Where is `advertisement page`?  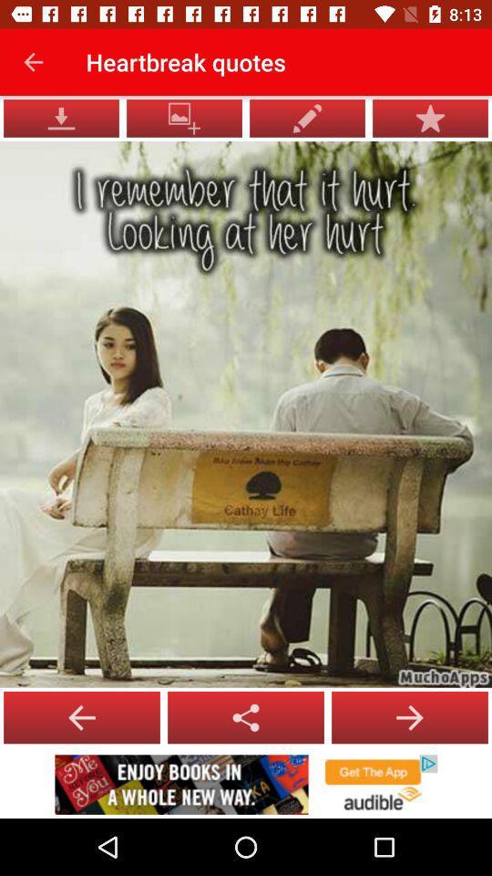 advertisement page is located at coordinates (246, 784).